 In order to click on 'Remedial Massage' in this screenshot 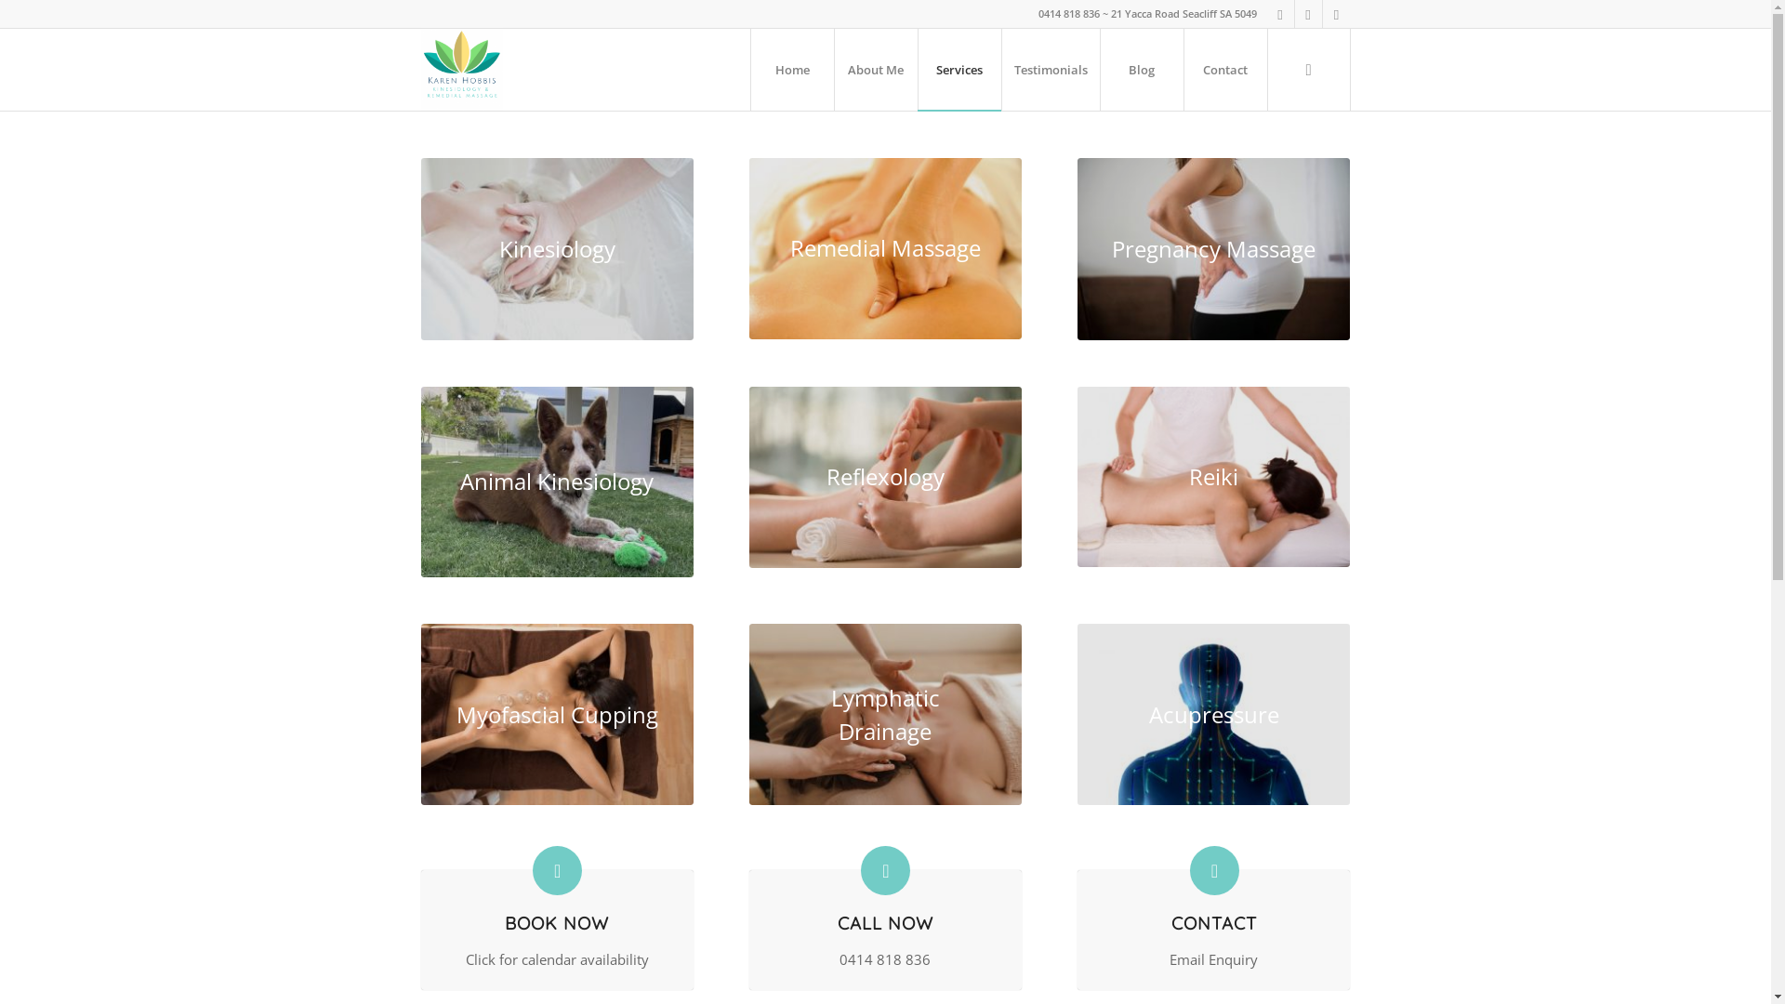, I will do `click(884, 247)`.